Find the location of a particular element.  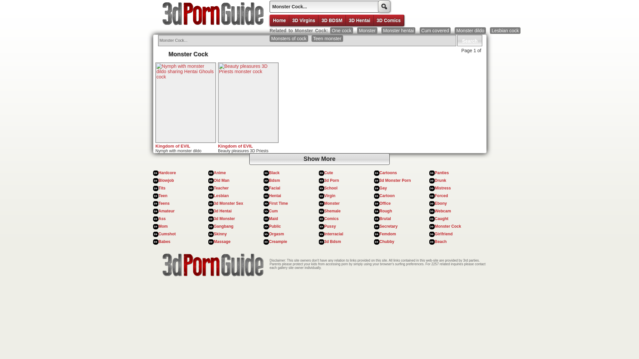

'Office' is located at coordinates (379, 203).